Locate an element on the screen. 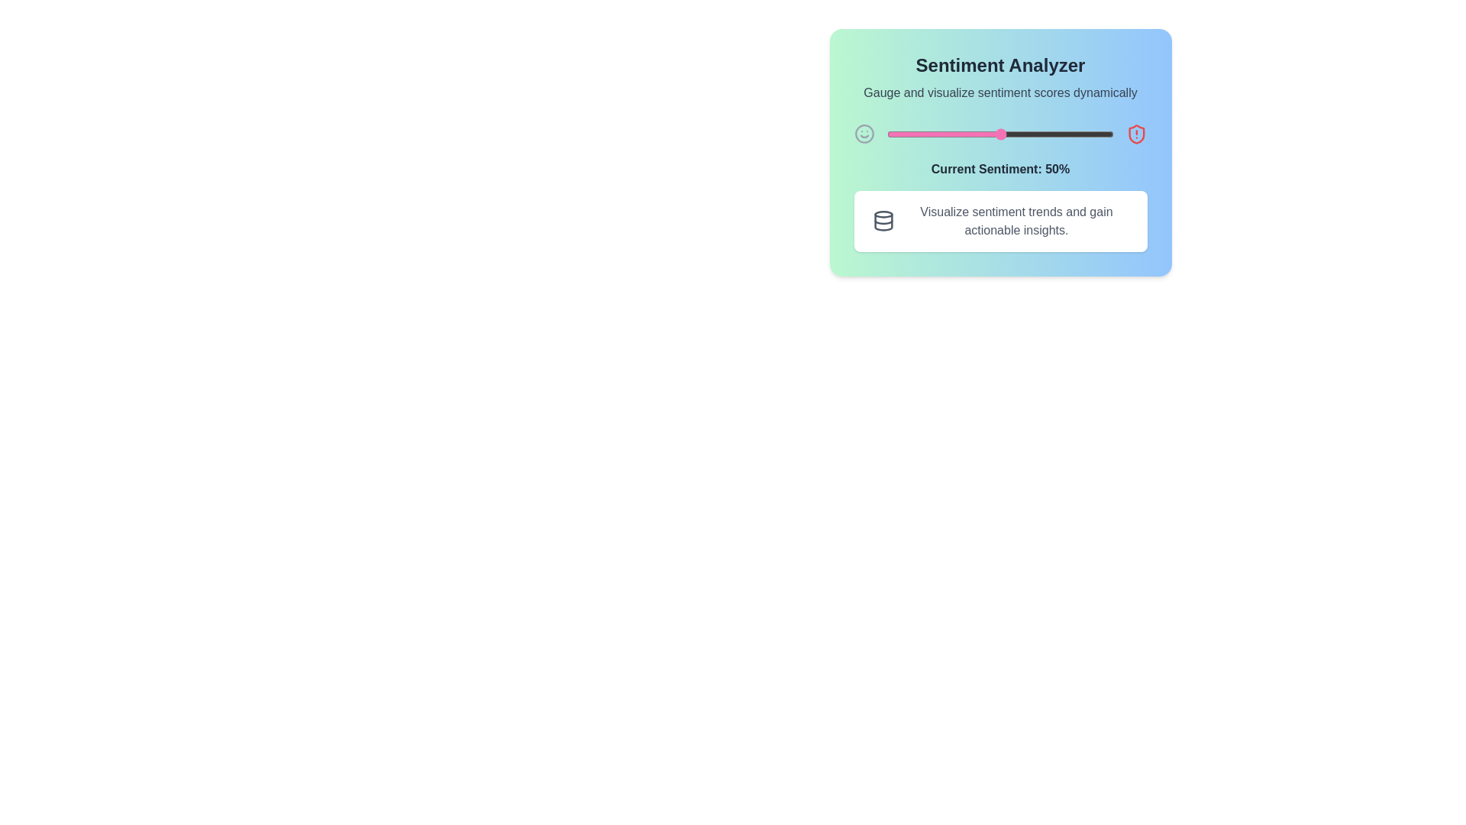 The width and height of the screenshot is (1466, 825). the smiley face icon is located at coordinates (864, 134).